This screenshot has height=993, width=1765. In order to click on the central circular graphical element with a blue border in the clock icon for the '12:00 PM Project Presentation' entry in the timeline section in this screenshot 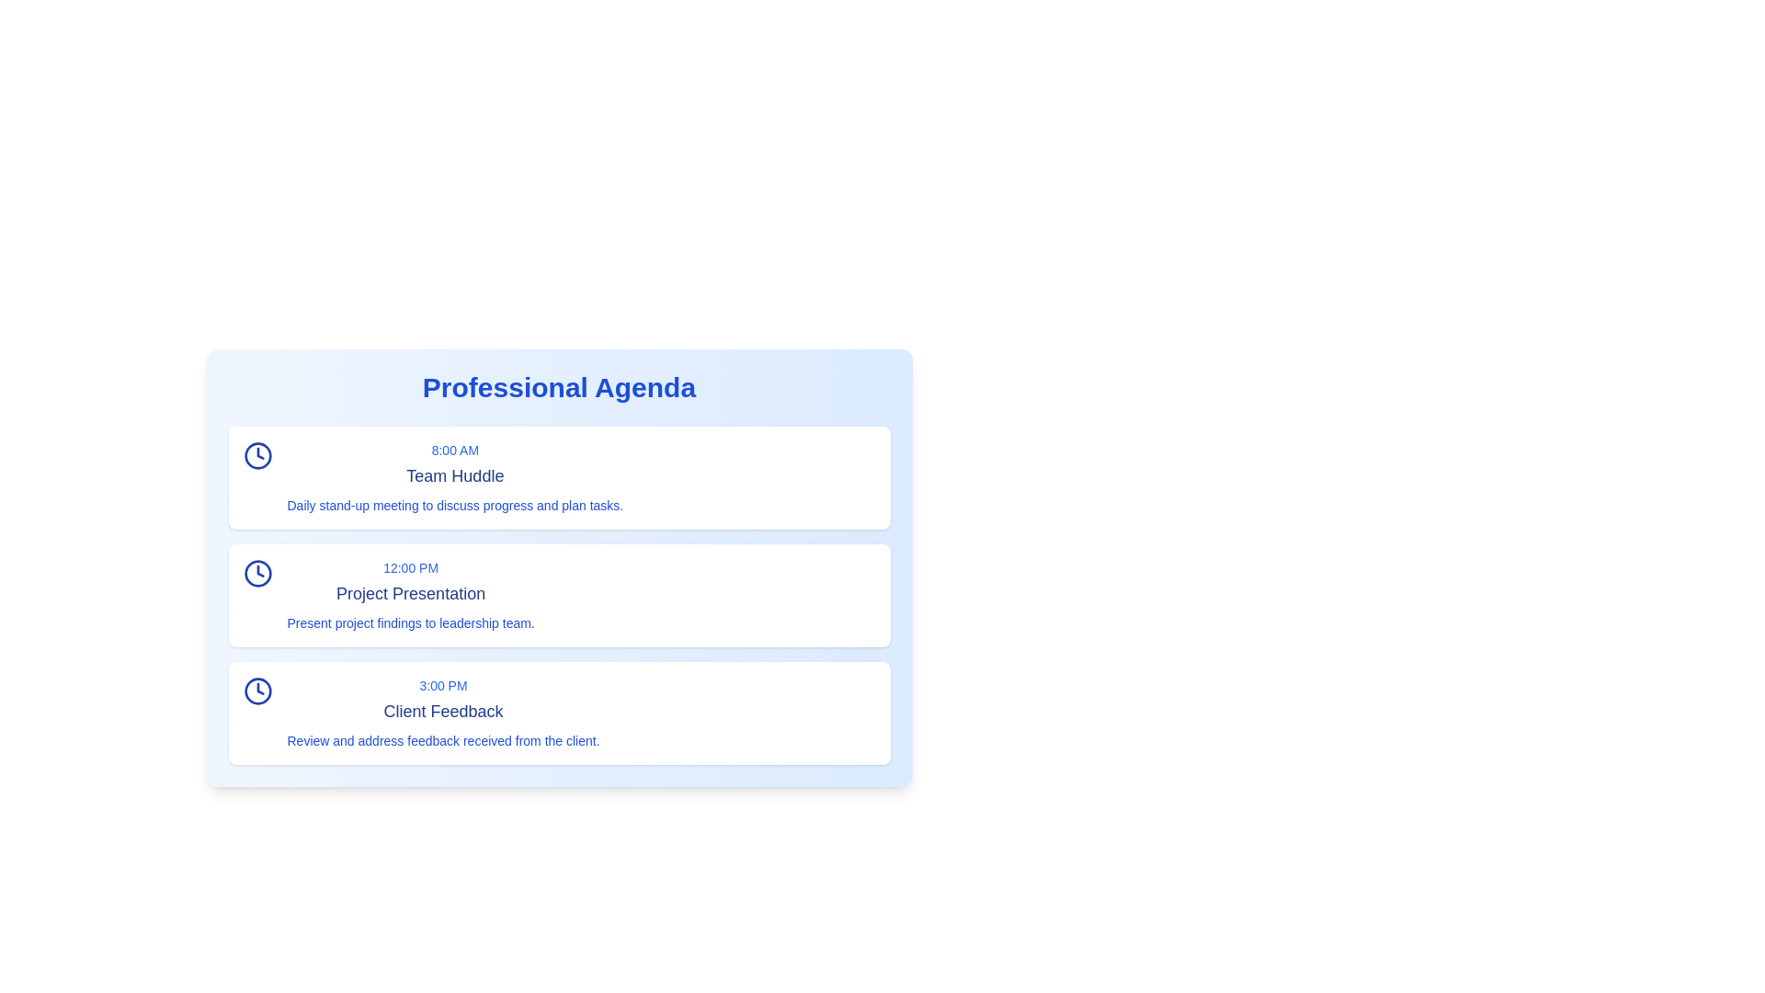, I will do `click(256, 573)`.